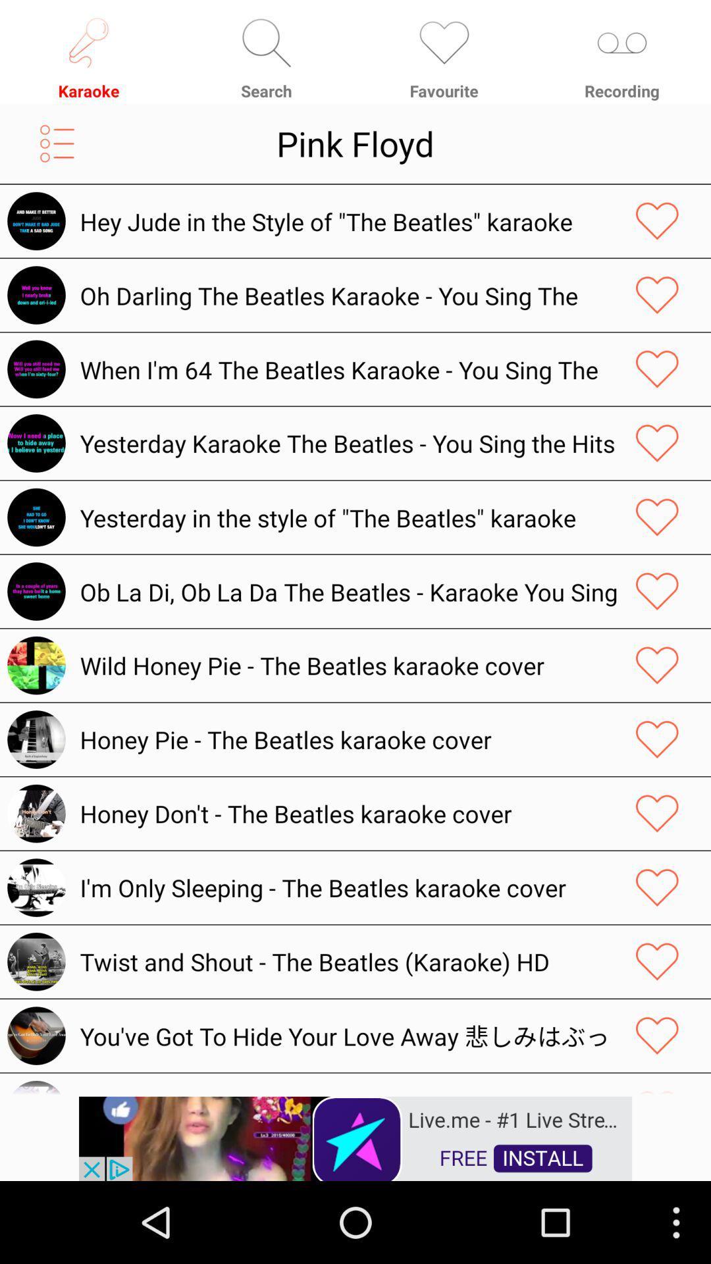  Describe the element at coordinates (36, 369) in the screenshot. I see `the third image` at that location.